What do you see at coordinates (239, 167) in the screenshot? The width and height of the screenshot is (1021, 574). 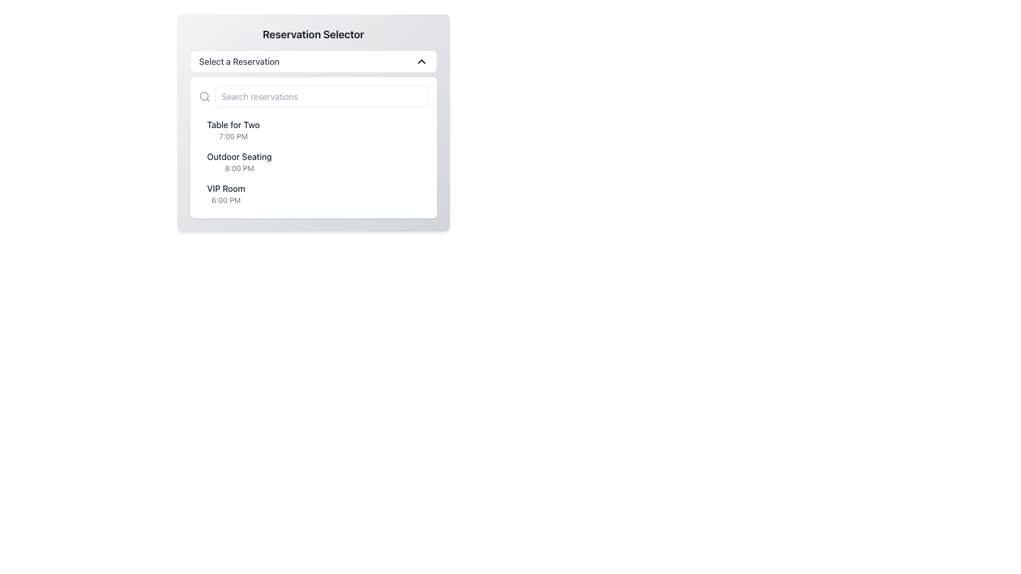 I see `text label displaying the reservation time for 'Outdoor Seating', which is the second option in the list of reservation options under 'Reservation Selector'` at bounding box center [239, 167].